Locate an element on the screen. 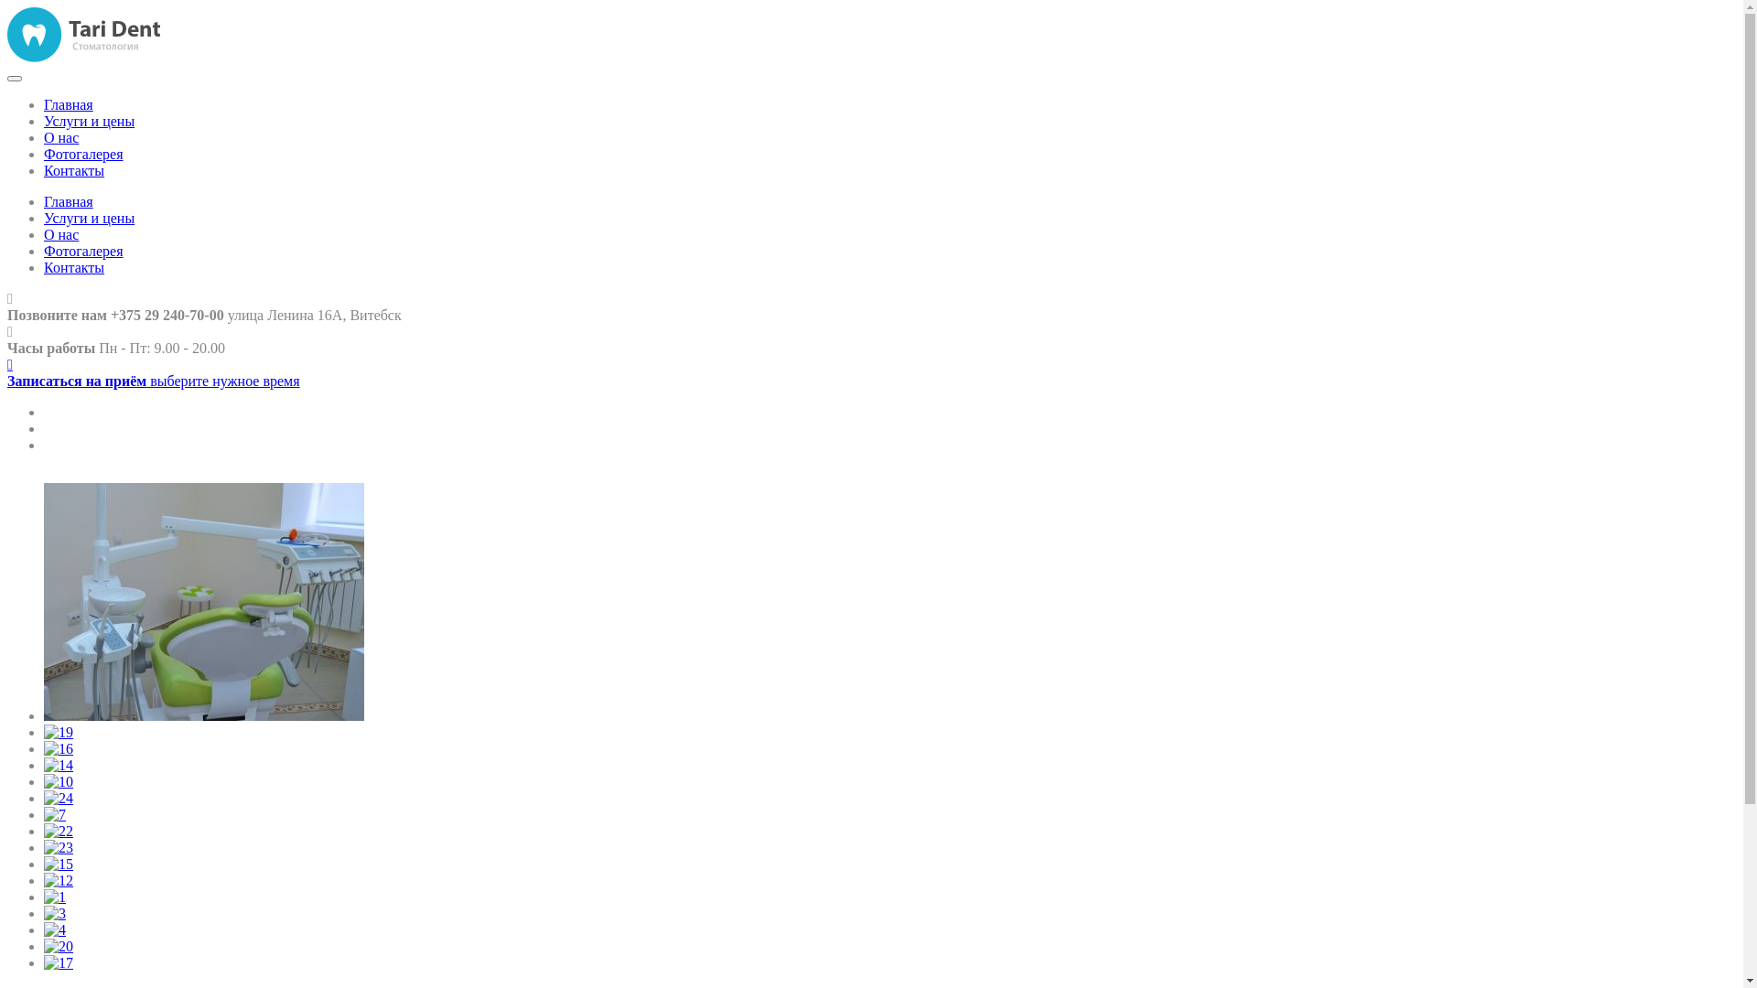  '7' is located at coordinates (54, 814).